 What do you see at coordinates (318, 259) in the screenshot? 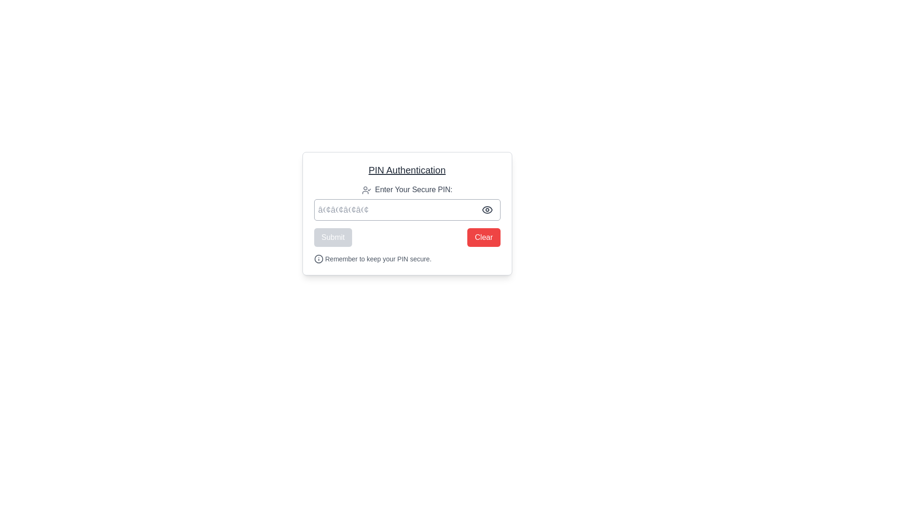
I see `the informational icon located to the left of the text 'Remember to keep your PIN secure.'` at bounding box center [318, 259].